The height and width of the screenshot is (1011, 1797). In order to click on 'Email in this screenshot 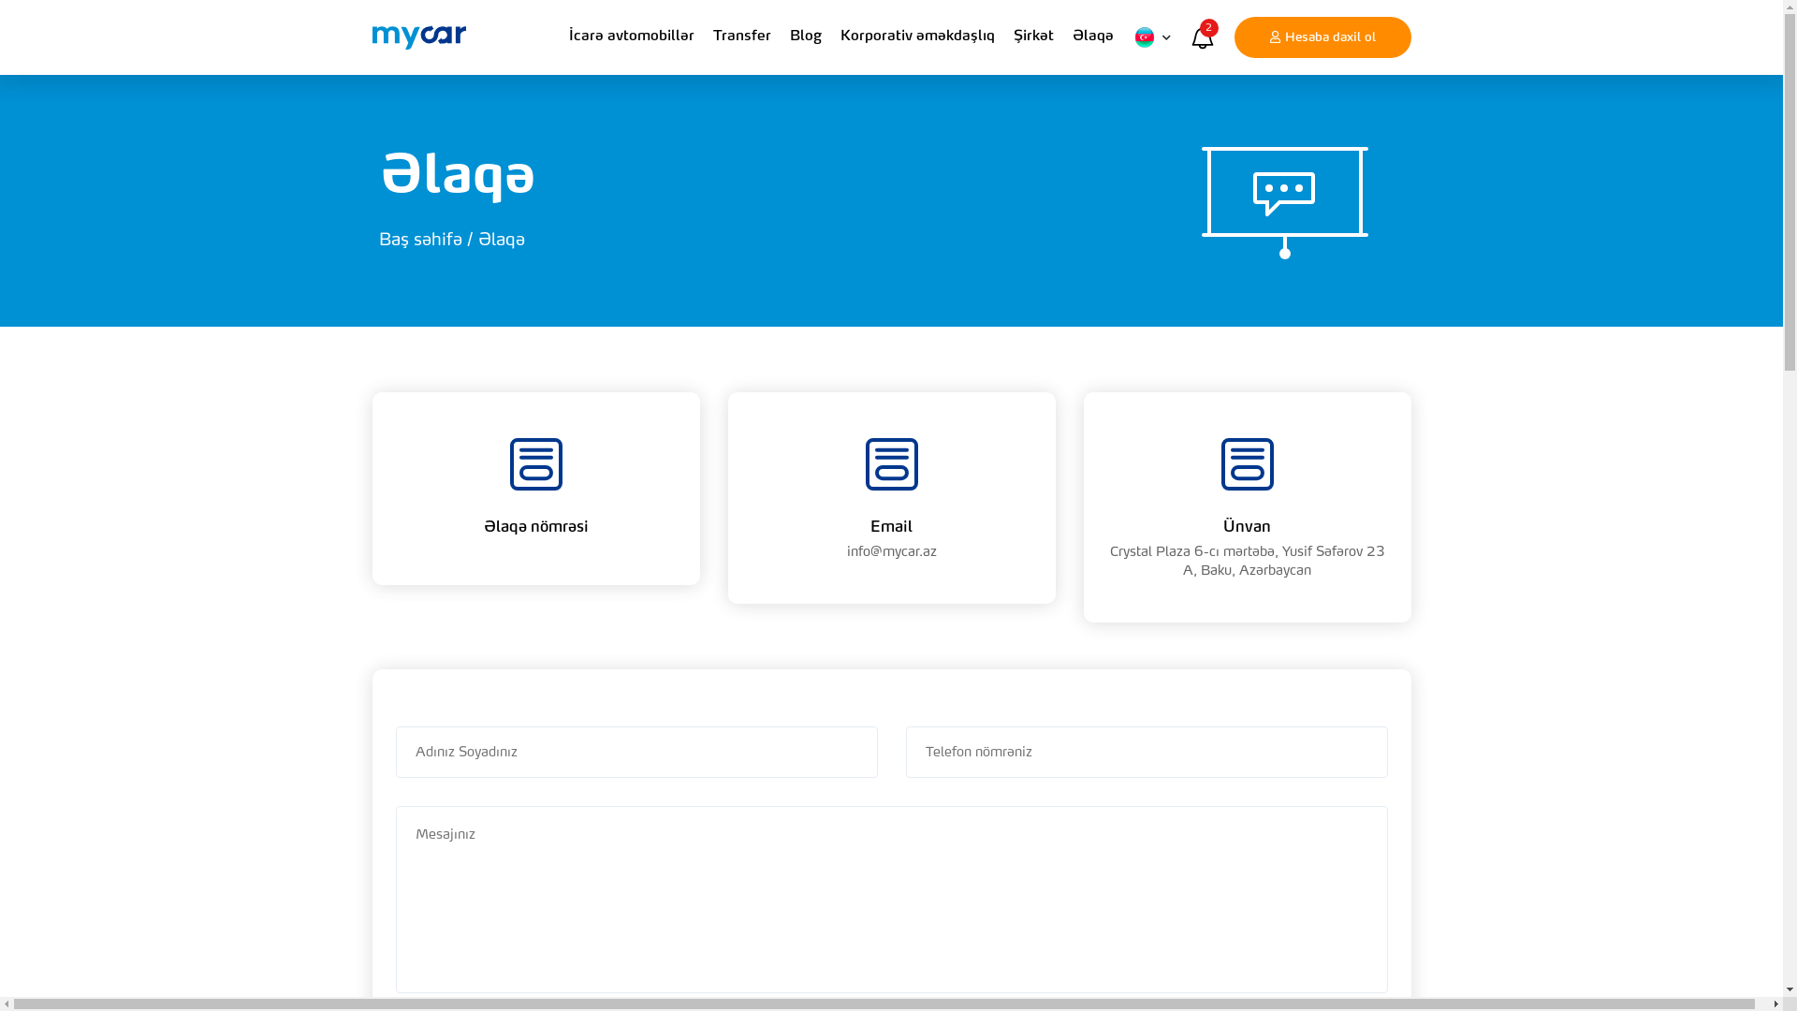, I will do `click(891, 497)`.